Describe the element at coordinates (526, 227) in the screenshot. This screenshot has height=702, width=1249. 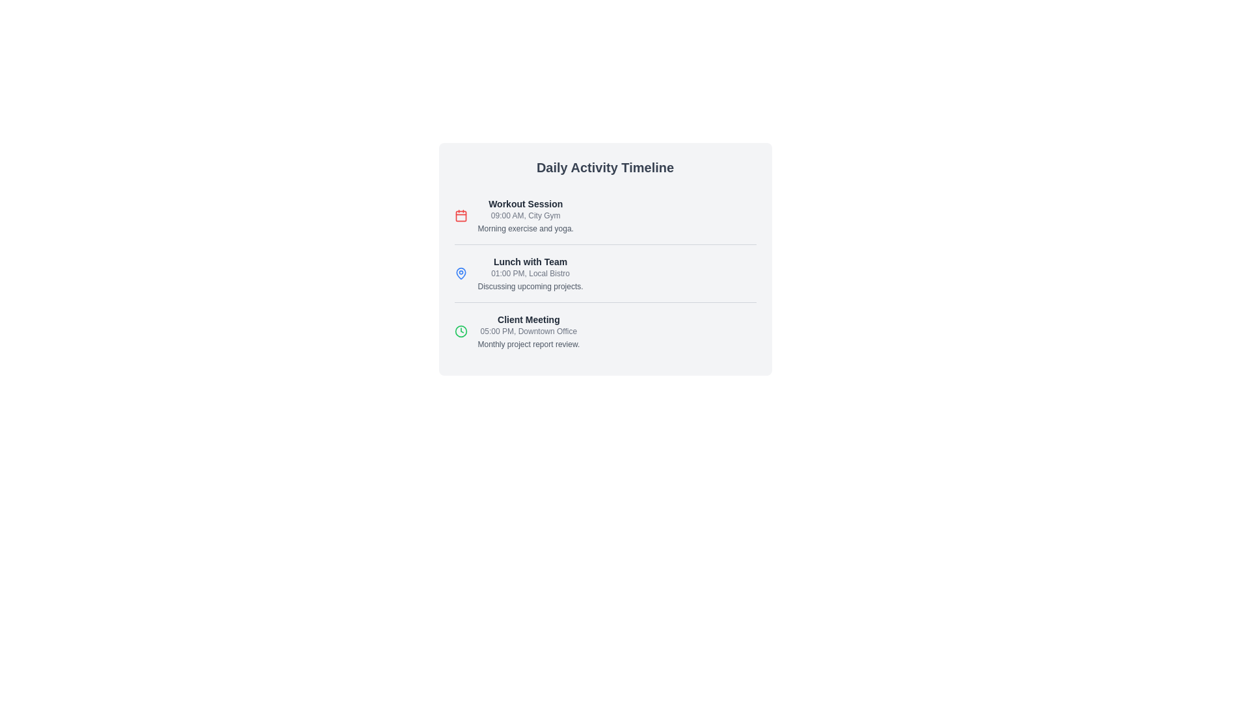
I see `the descriptive text element that provides additional information about the 'Workout Session' activity, located below the '09:00 AM, City Gym' element in the 'Workout Session' group` at that location.